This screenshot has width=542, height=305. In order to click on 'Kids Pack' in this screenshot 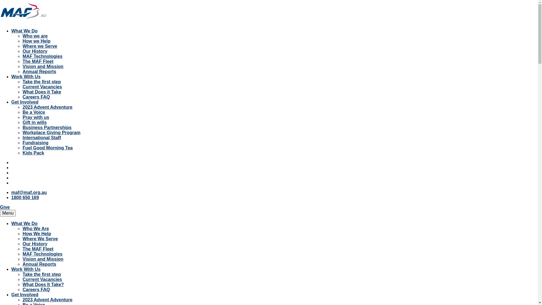, I will do `click(33, 153)`.